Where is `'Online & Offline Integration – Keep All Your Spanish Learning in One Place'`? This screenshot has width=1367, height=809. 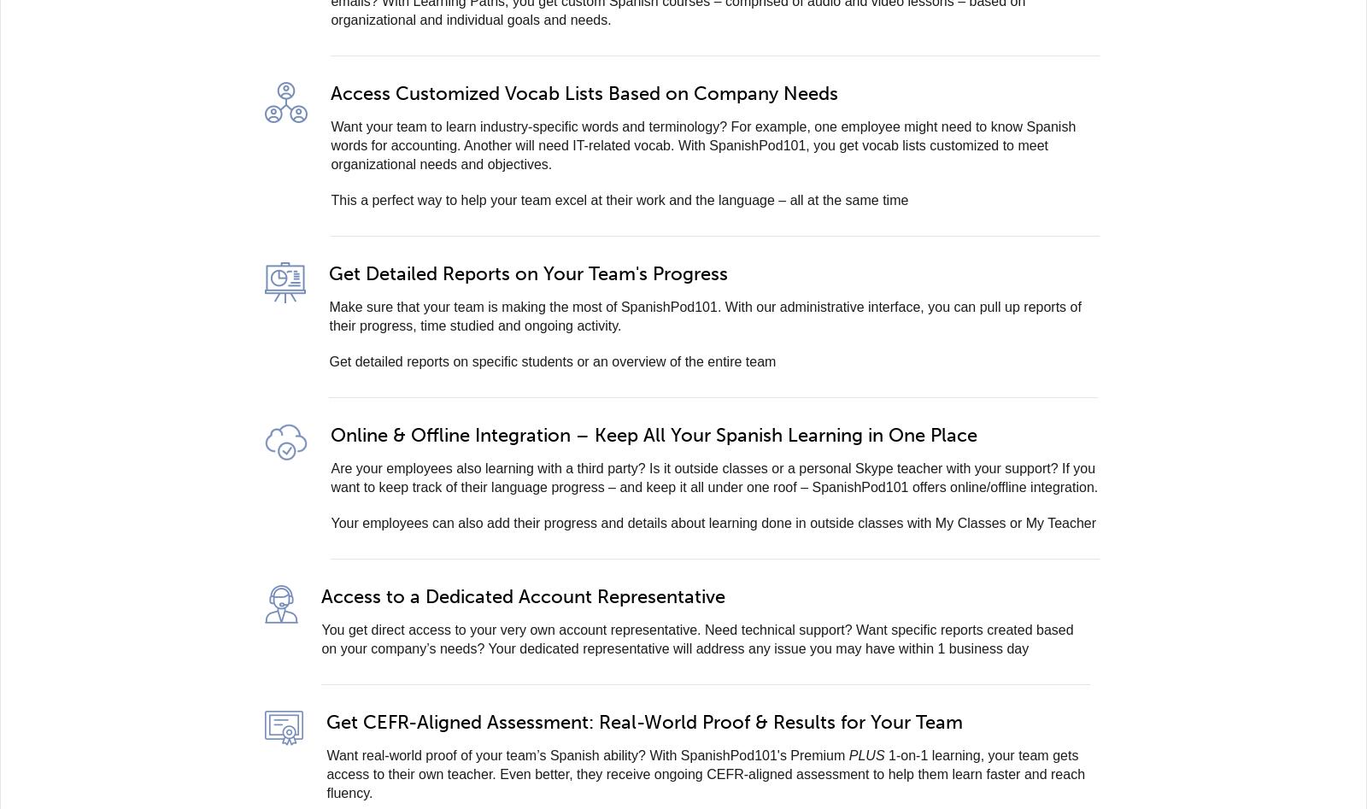
'Online & Offline Integration – Keep All Your Spanish Learning in One Place' is located at coordinates (654, 434).